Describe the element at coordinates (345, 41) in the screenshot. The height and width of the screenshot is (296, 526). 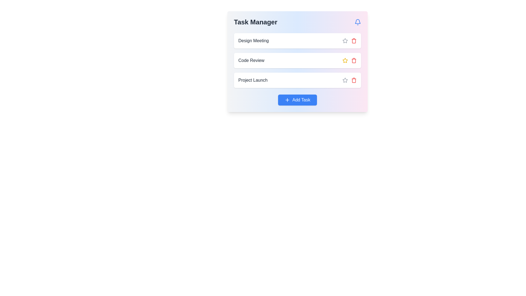
I see `the first star icon, which is gray in color and located to the right of the text 'Design Meeting' in the task list` at that location.